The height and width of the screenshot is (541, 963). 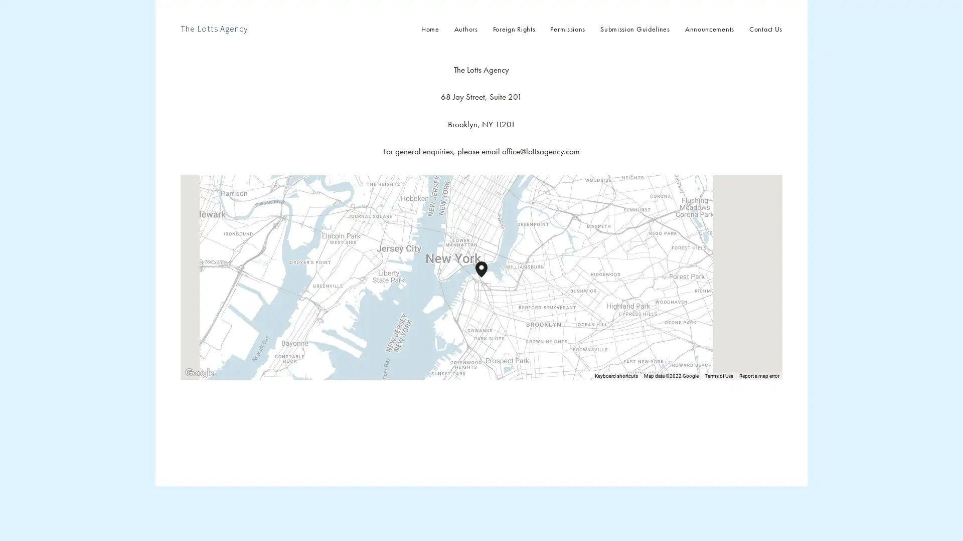 I want to click on 68 Jay Street Brooklyn, NY, 11201, United States, so click(x=488, y=278).